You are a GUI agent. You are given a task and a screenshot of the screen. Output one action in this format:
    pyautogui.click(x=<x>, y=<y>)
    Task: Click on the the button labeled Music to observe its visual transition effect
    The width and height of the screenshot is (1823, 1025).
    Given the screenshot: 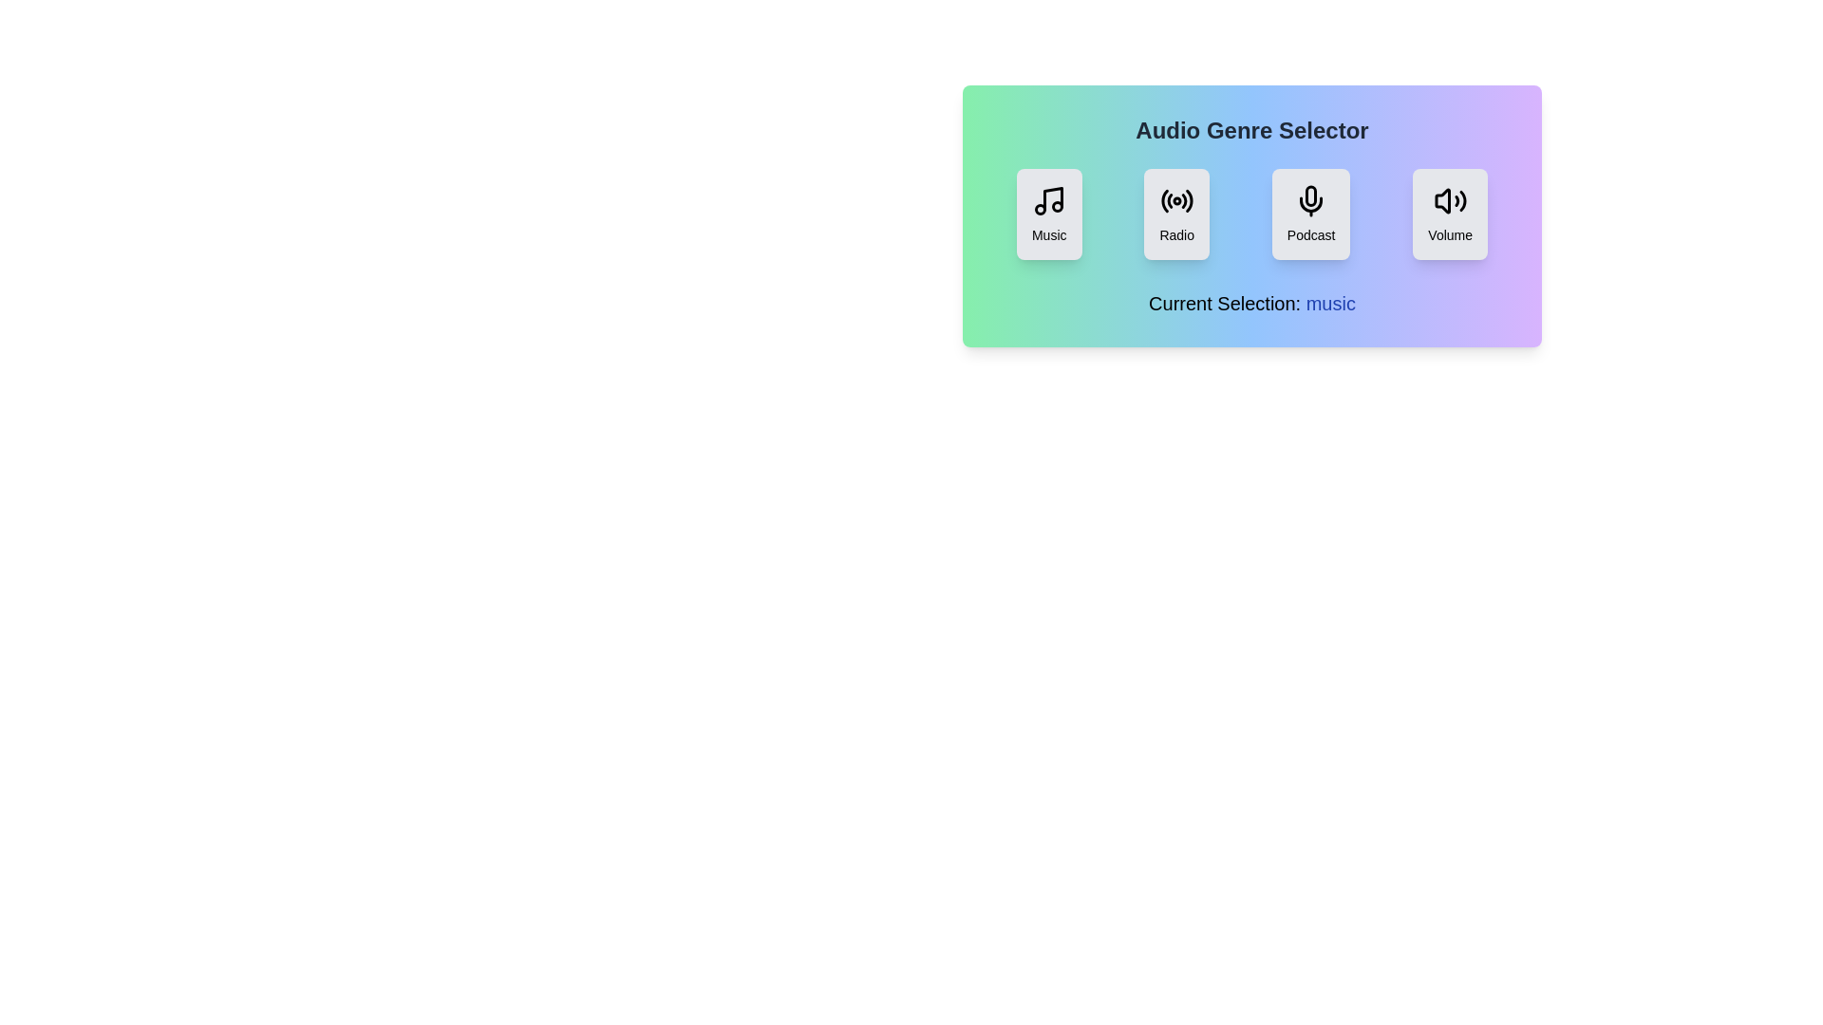 What is the action you would take?
    pyautogui.click(x=1047, y=214)
    